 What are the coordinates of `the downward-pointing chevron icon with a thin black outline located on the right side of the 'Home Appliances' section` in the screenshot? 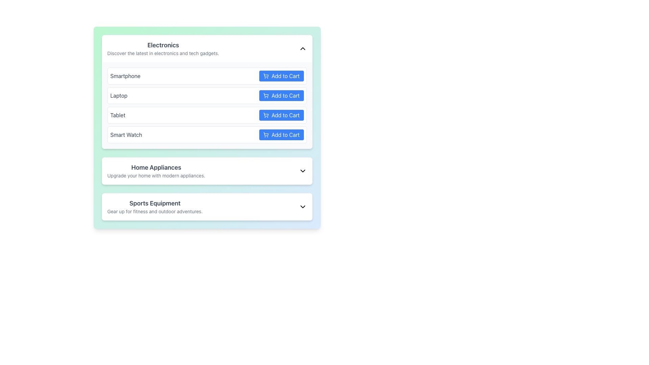 It's located at (302, 170).